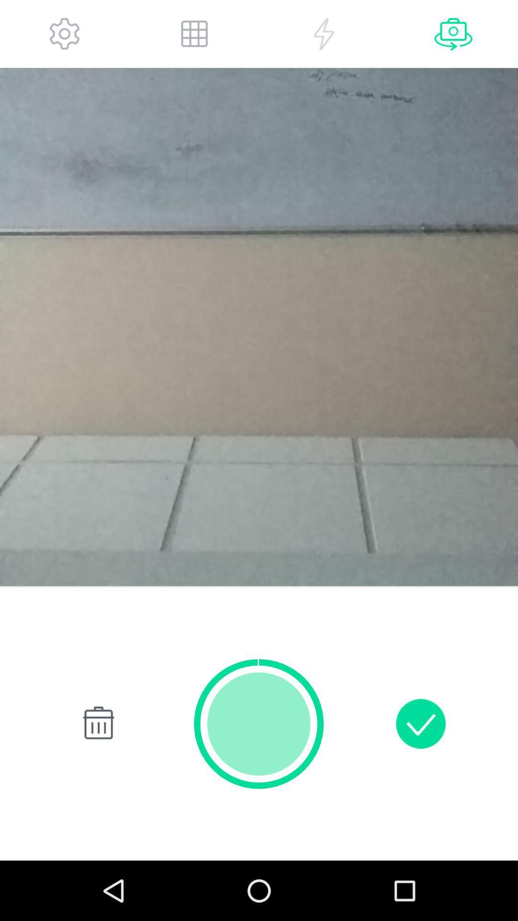 The image size is (518, 921). I want to click on accept, so click(420, 723).